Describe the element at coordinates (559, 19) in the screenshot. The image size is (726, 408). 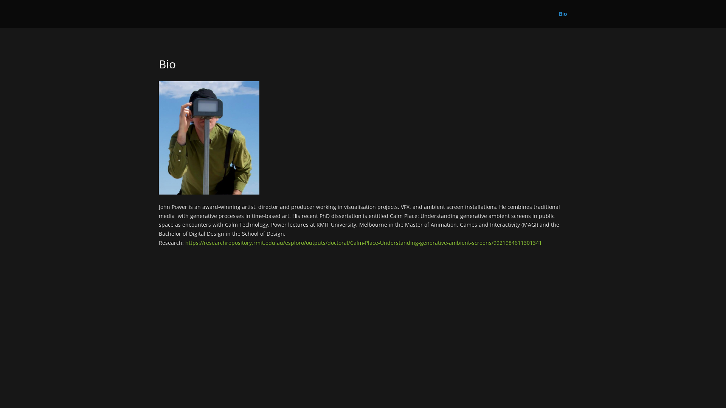
I see `'Bio'` at that location.